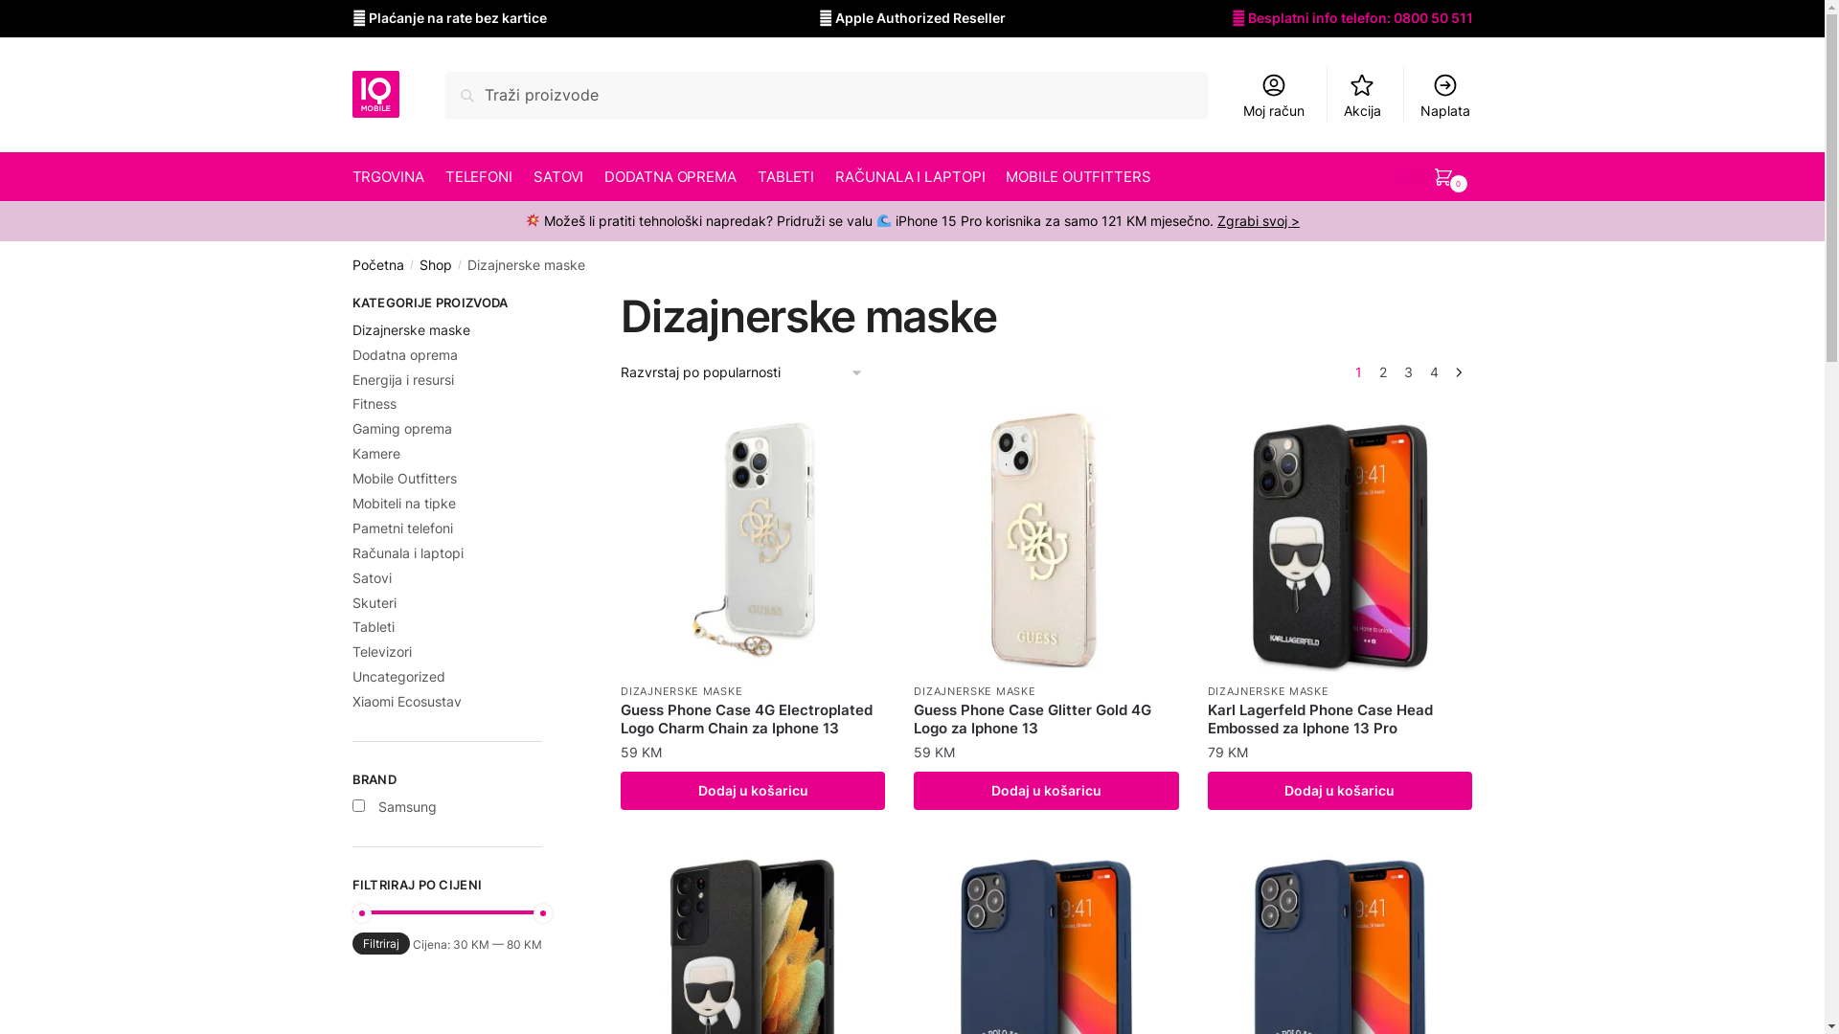 This screenshot has width=1839, height=1034. Describe the element at coordinates (557, 177) in the screenshot. I see `'SATOVI'` at that location.